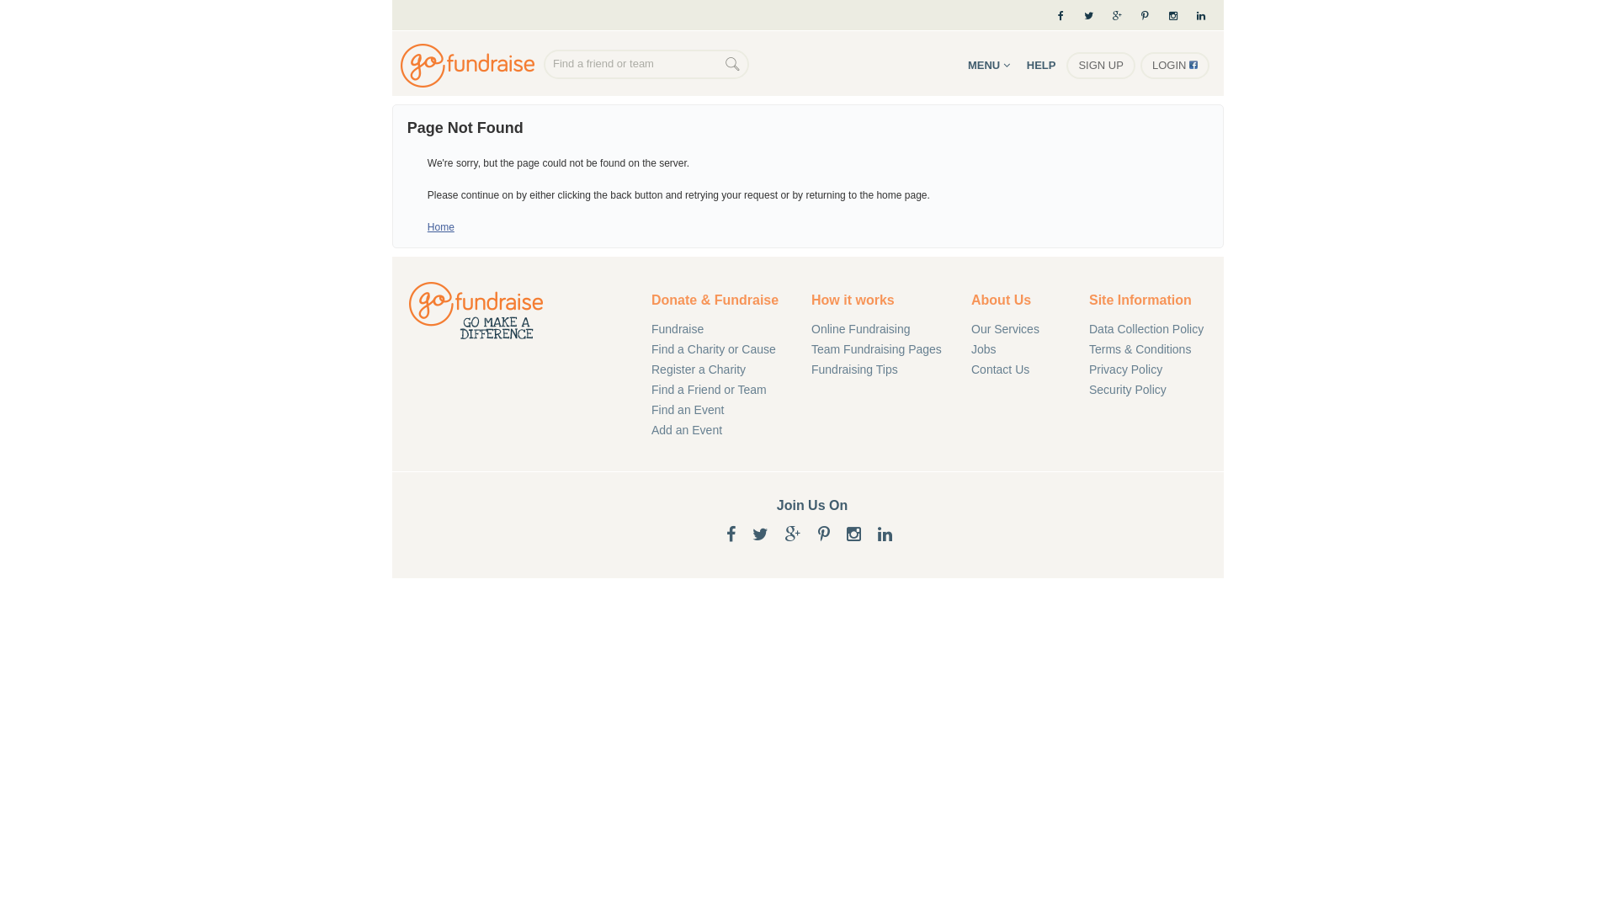  What do you see at coordinates (817, 534) in the screenshot?
I see `'Pinterest'` at bounding box center [817, 534].